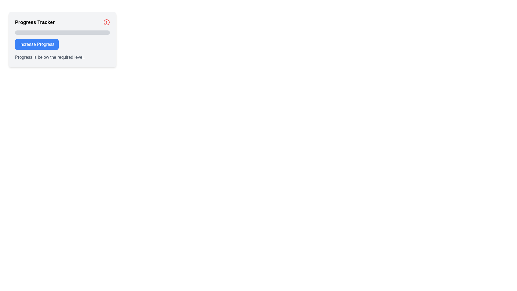 Image resolution: width=517 pixels, height=291 pixels. What do you see at coordinates (106, 22) in the screenshot?
I see `the alert indicator graphical shape located in the upper-right corner of the 'Progress Tracker' card, which visually represents an error or critical state` at bounding box center [106, 22].